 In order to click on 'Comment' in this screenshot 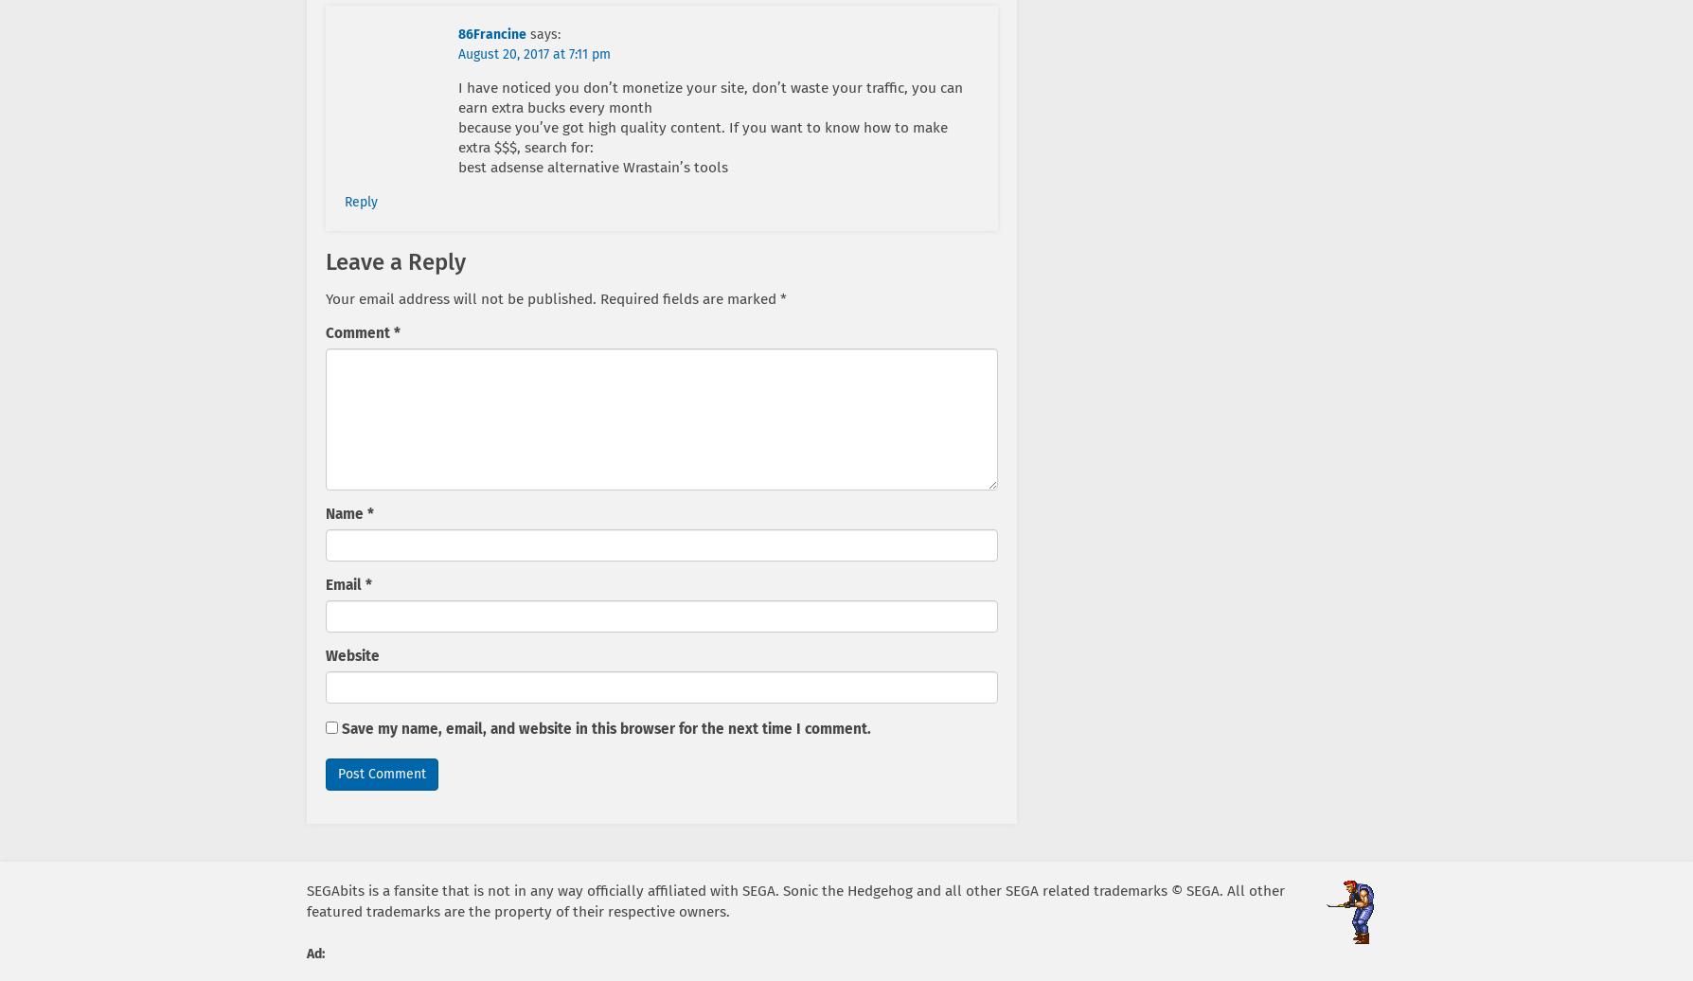, I will do `click(358, 331)`.